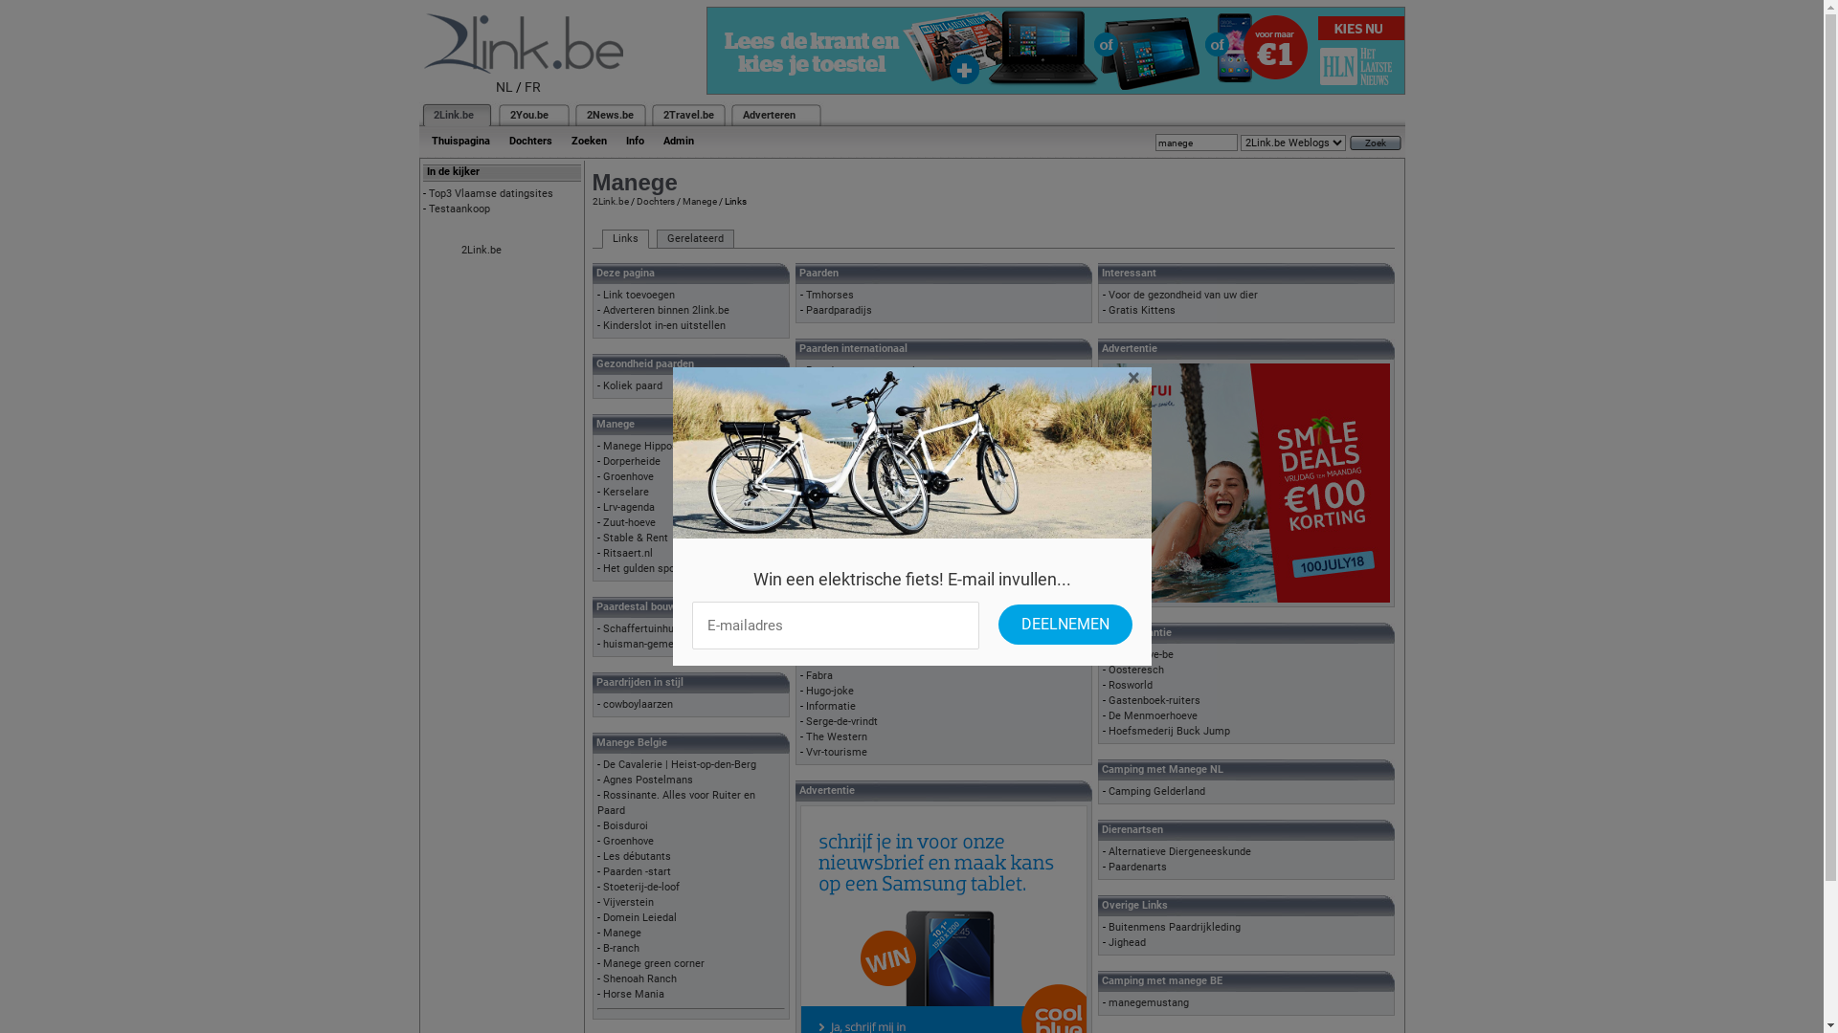 Image resolution: width=1838 pixels, height=1033 pixels. What do you see at coordinates (601, 963) in the screenshot?
I see `'Manege green corner'` at bounding box center [601, 963].